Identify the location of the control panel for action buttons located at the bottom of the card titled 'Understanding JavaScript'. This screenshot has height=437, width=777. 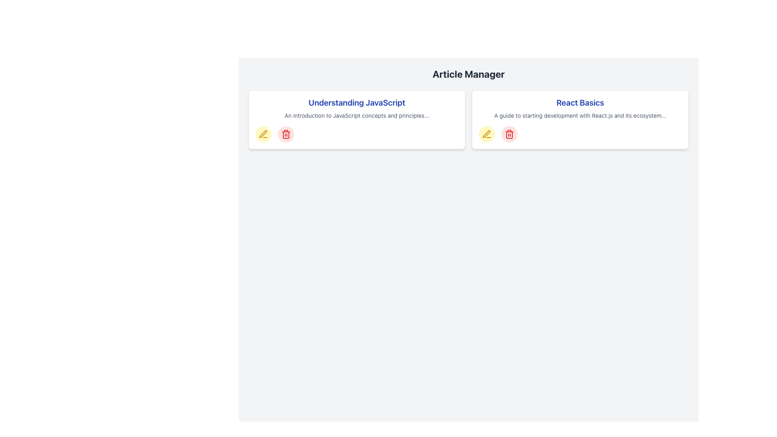
(357, 134).